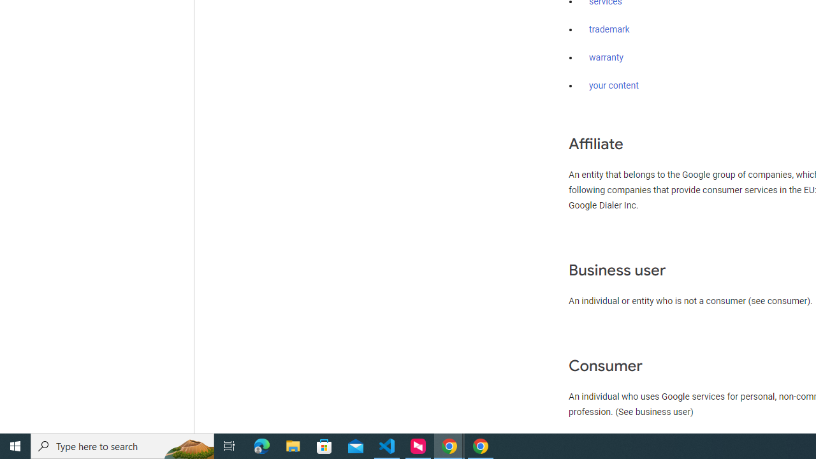 The height and width of the screenshot is (459, 816). Describe the element at coordinates (614, 86) in the screenshot. I see `'your content'` at that location.